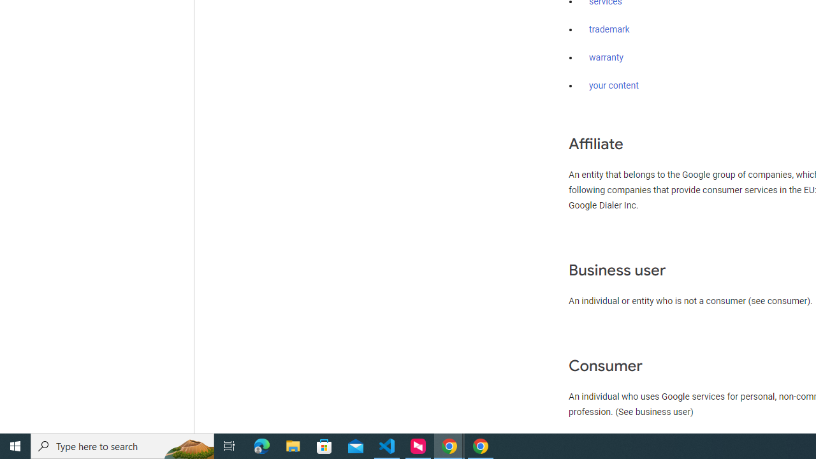 The height and width of the screenshot is (459, 816). Describe the element at coordinates (614, 86) in the screenshot. I see `'your content'` at that location.